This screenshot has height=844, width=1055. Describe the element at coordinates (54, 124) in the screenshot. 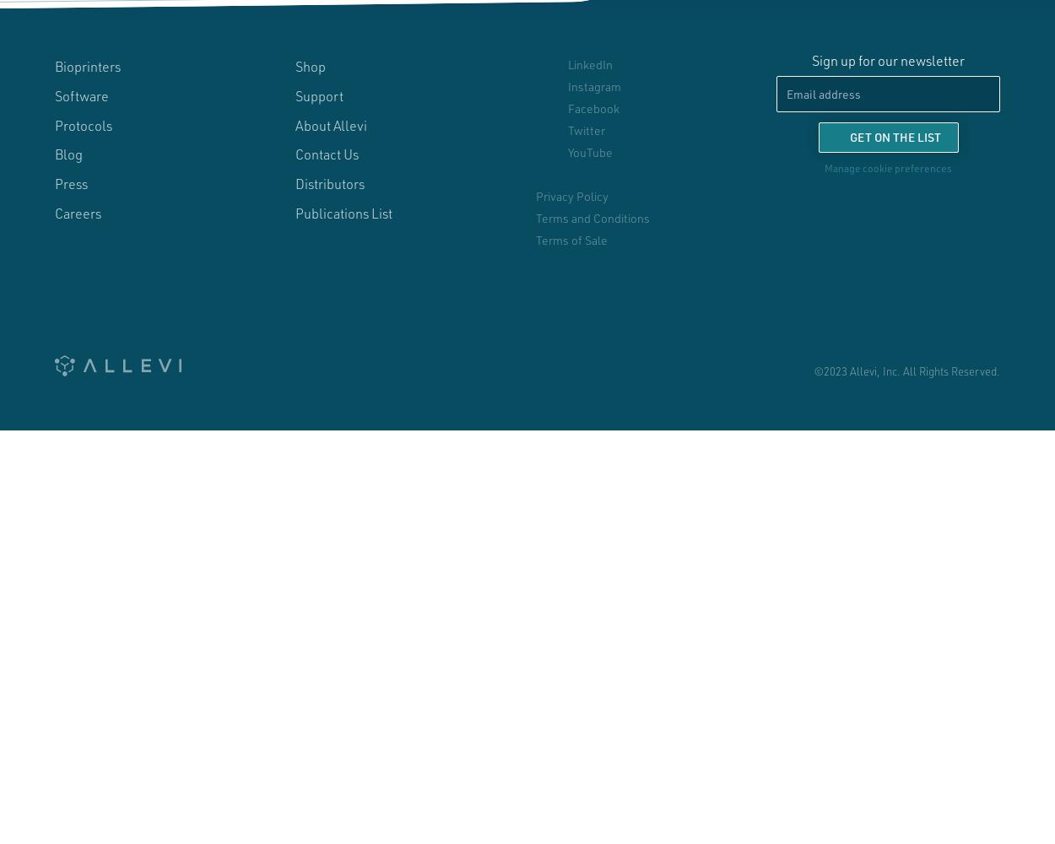

I see `'Protocols'` at that location.